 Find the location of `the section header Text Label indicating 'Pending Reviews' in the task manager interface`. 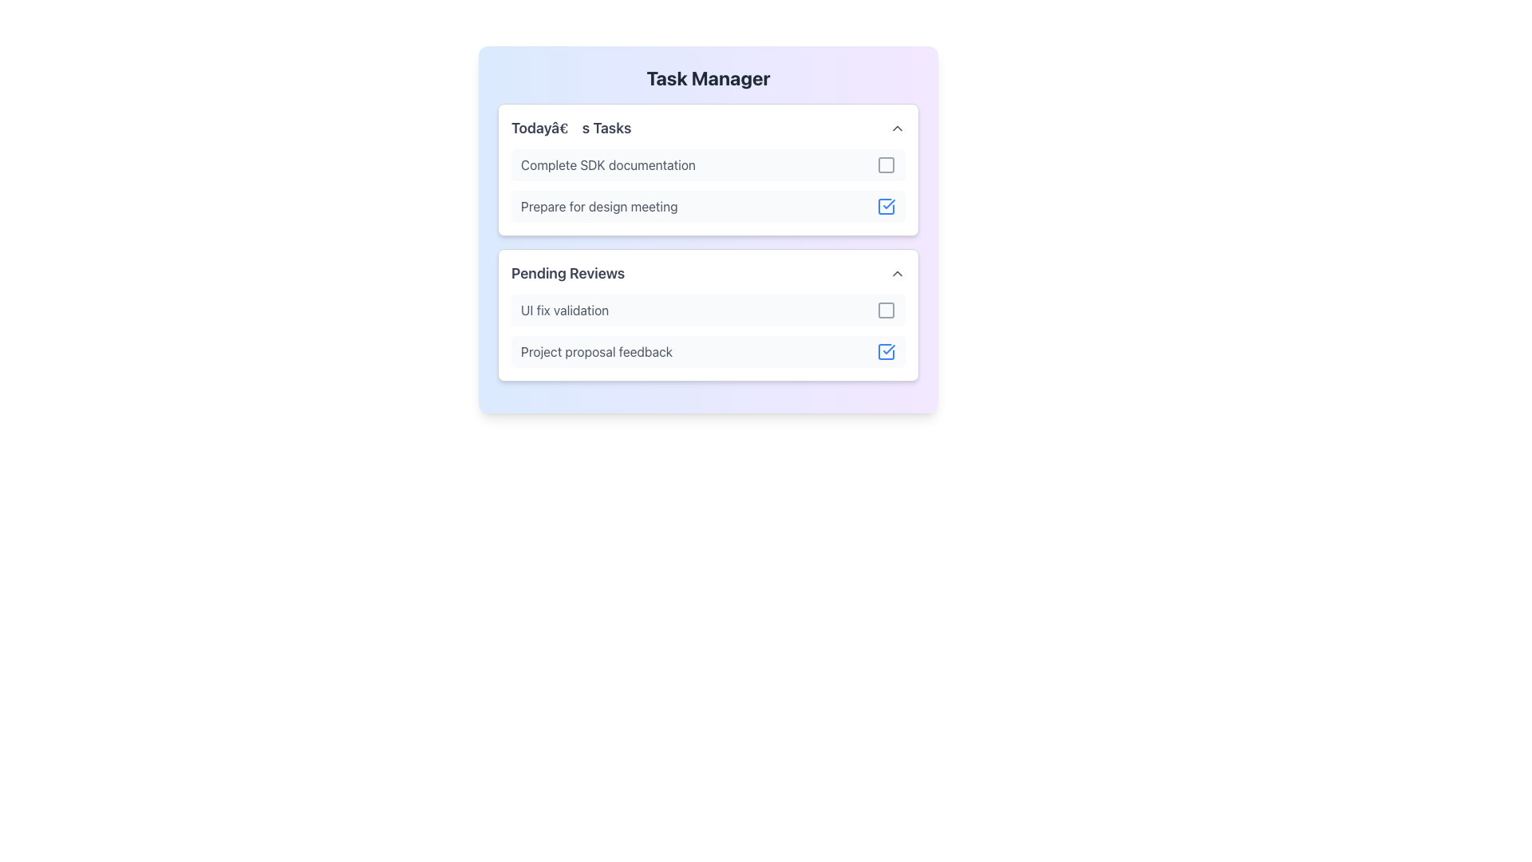

the section header Text Label indicating 'Pending Reviews' in the task manager interface is located at coordinates (568, 273).